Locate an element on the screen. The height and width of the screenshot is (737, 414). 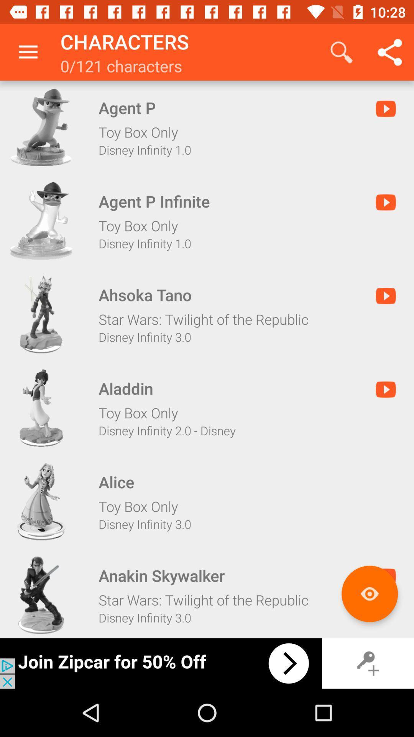
click the agent p infinite is located at coordinates (41, 220).